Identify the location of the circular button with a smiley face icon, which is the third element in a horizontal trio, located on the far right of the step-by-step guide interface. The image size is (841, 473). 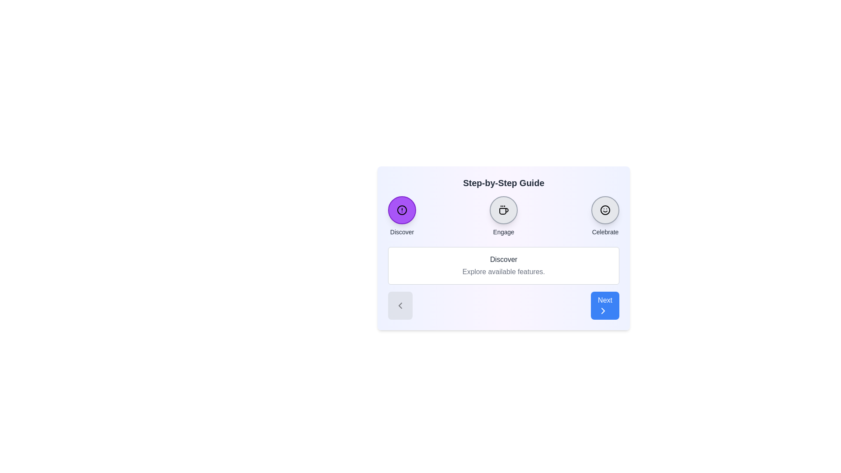
(605, 210).